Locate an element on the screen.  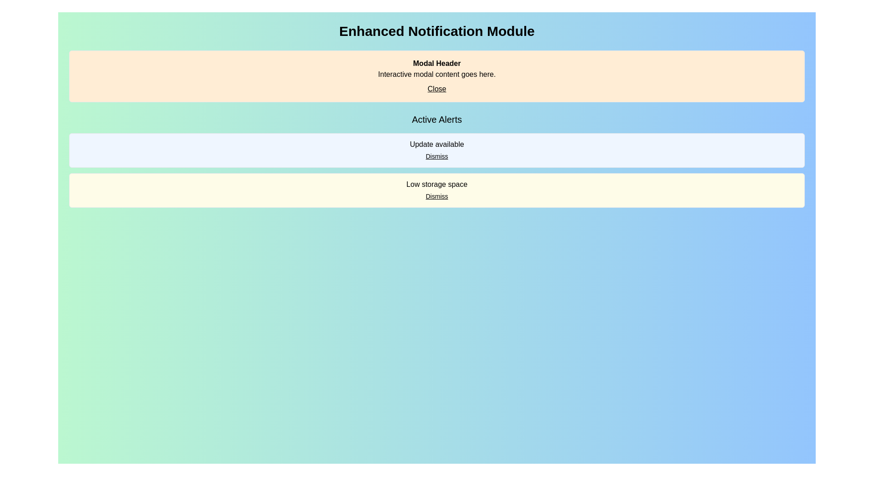
the 'Close' hyperlink located at the bottom-right corner of the 'Modal Header' section is located at coordinates (436, 89).